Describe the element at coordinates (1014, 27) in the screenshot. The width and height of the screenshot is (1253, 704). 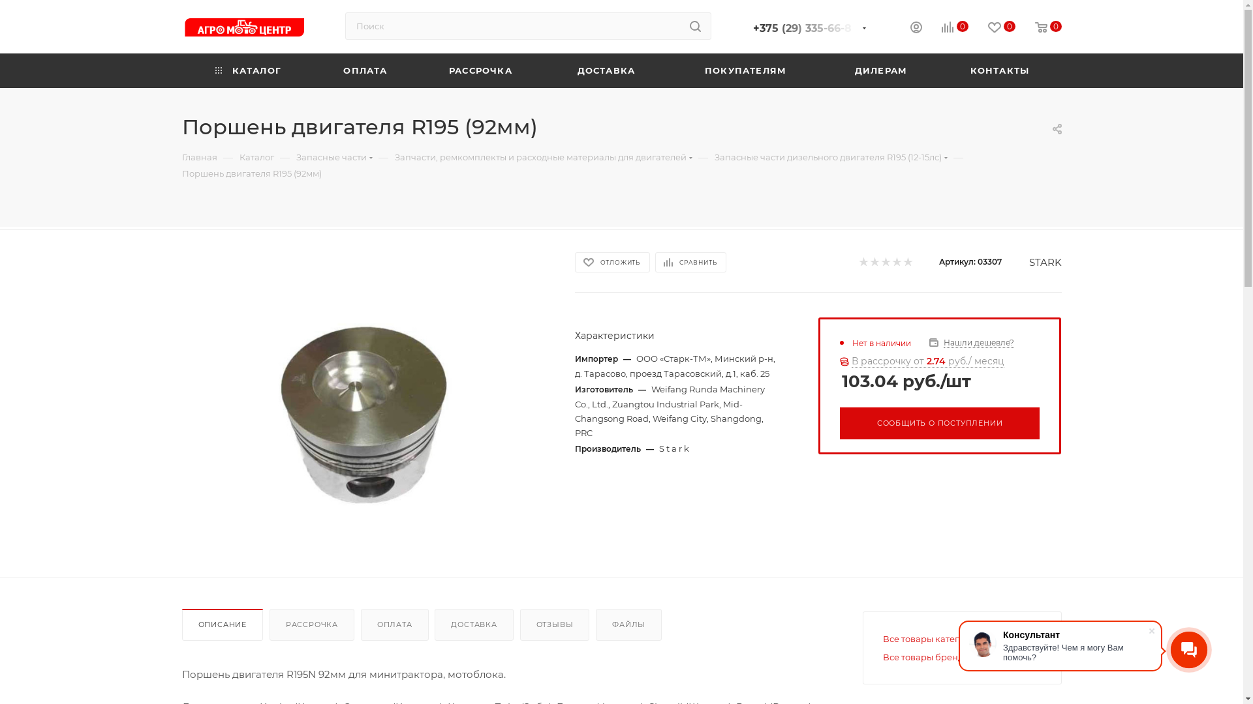
I see `'0'` at that location.